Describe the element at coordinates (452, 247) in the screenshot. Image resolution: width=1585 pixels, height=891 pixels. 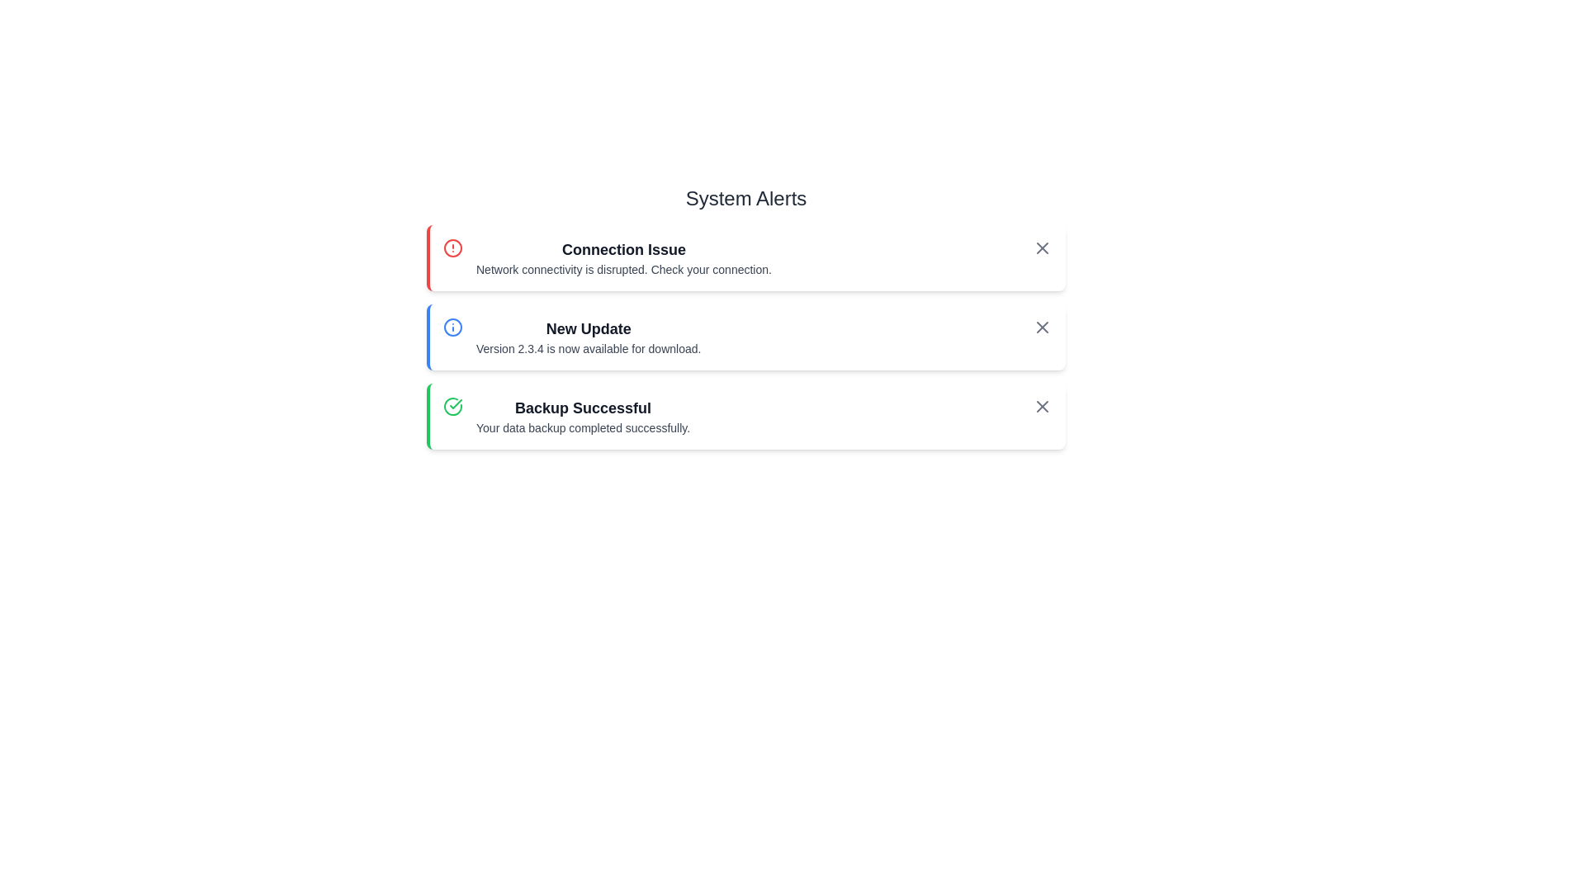
I see `the visual alert indicator icon located at the left edge of the first alert box titled 'Connection Issue', which is aligned horizontally with the title text and vertically in the middle of the box` at that location.